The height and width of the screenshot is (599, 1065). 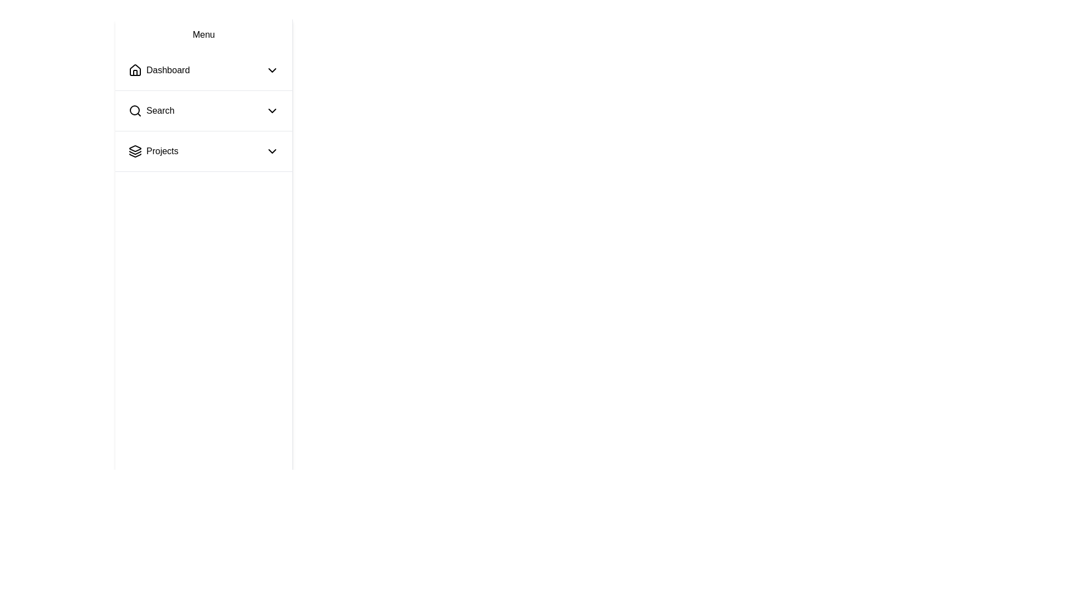 I want to click on the SVG icon on the far-right side of the 'Projects' list item, so click(x=272, y=151).